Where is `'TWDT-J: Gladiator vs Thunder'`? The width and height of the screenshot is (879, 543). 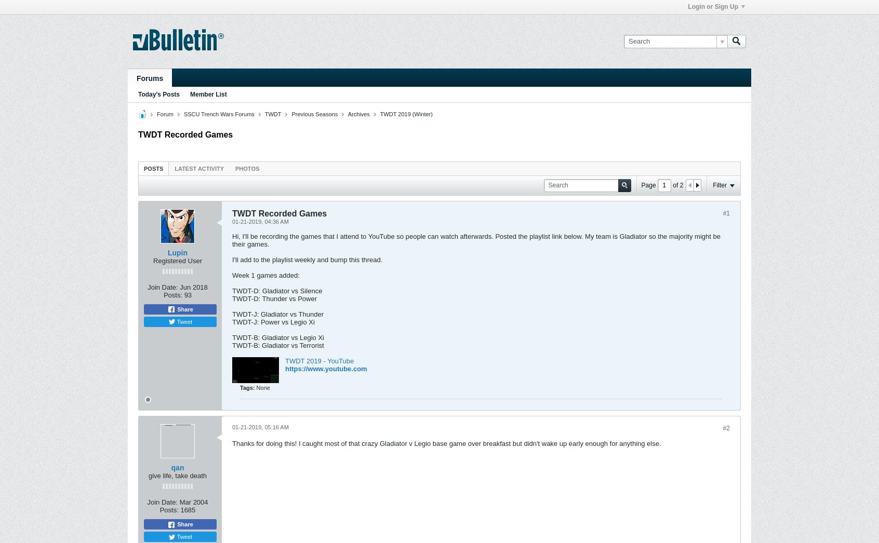
'TWDT-J: Gladiator vs Thunder' is located at coordinates (278, 314).